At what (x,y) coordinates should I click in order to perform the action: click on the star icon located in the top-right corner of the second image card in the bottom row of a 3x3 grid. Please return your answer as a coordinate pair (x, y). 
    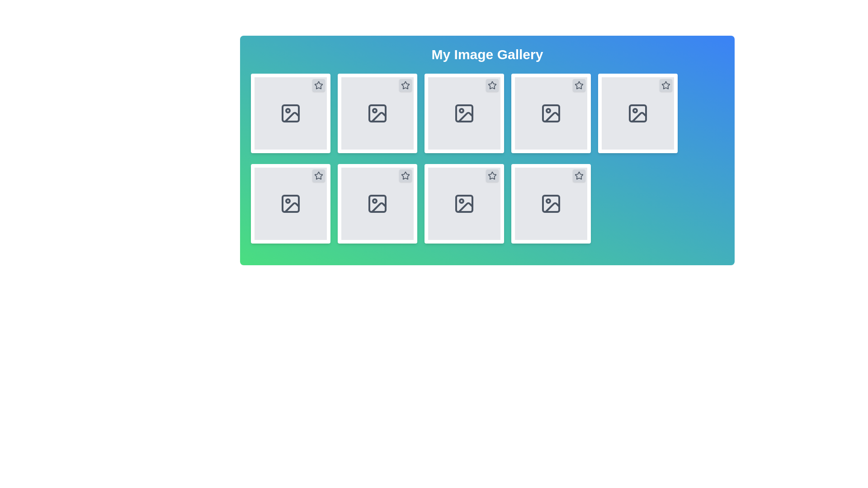
    Looking at the image, I should click on (492, 176).